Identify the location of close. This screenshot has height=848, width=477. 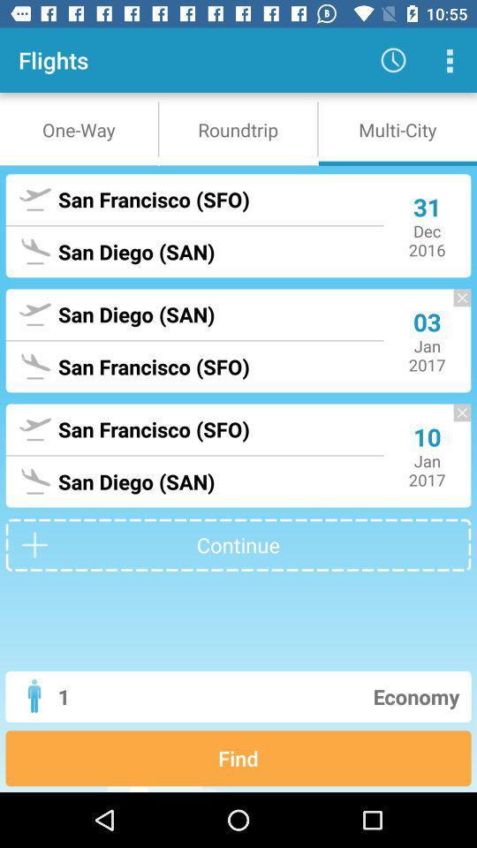
(453, 421).